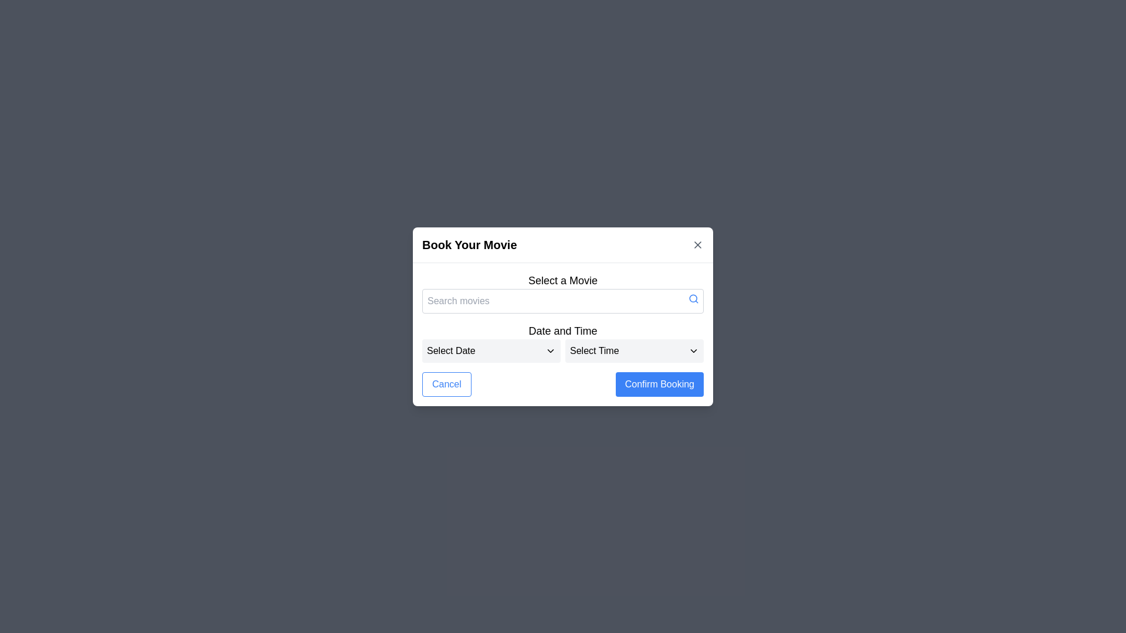  Describe the element at coordinates (698, 244) in the screenshot. I see `the close button located at the top-right corner of the 'Book Your Movie' modal` at that location.